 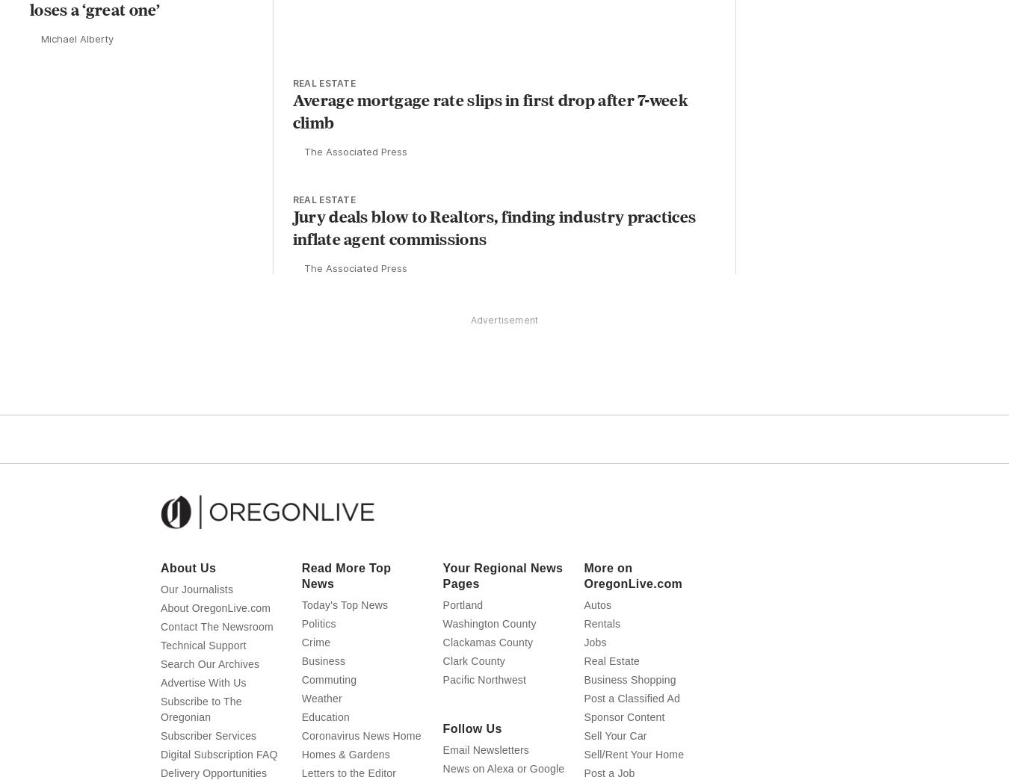 What do you see at coordinates (614, 764) in the screenshot?
I see `'Sell Your Car'` at bounding box center [614, 764].